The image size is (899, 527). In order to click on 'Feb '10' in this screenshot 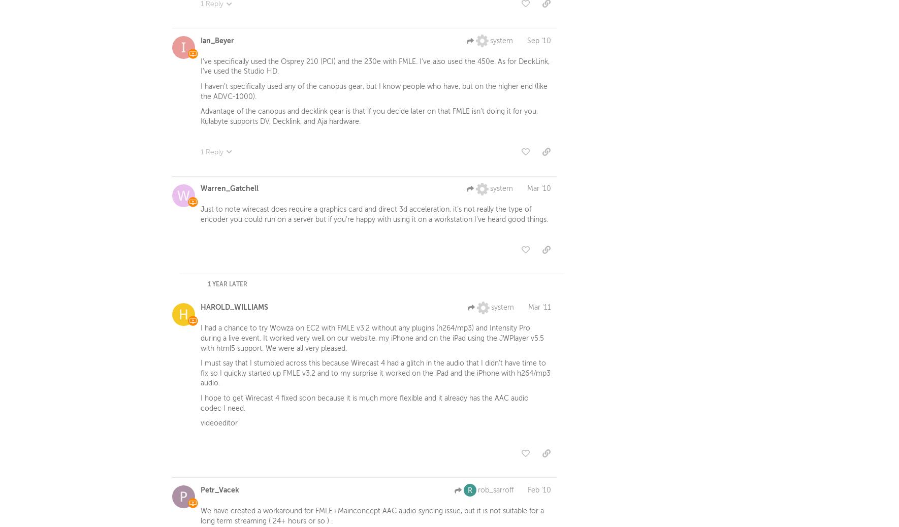, I will do `click(539, 492)`.